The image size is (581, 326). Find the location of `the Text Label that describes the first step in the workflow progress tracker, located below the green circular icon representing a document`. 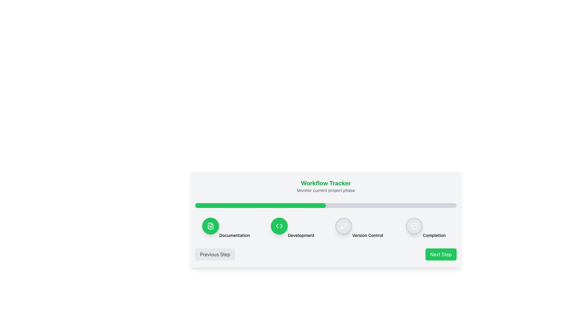

the Text Label that describes the first step in the workflow progress tracker, located below the green circular icon representing a document is located at coordinates (234, 235).